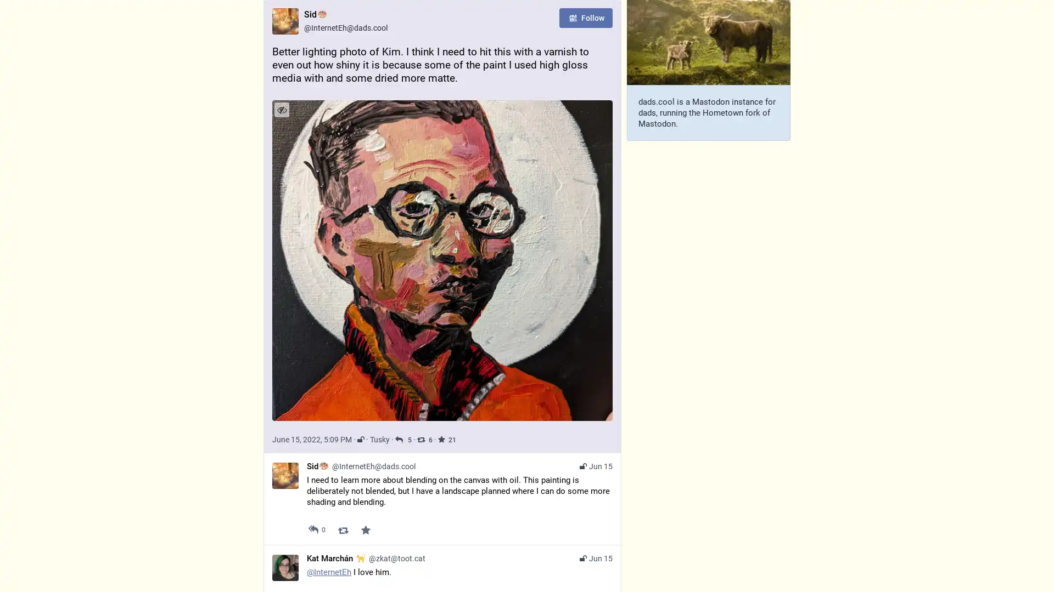 The image size is (1054, 592). Describe the element at coordinates (282, 110) in the screenshot. I see `Hide image` at that location.